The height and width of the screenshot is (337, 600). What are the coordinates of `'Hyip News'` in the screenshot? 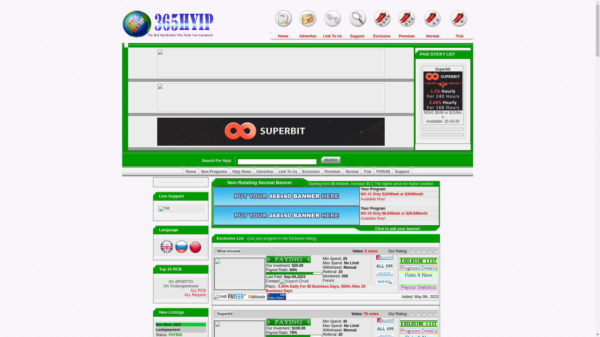 It's located at (241, 172).